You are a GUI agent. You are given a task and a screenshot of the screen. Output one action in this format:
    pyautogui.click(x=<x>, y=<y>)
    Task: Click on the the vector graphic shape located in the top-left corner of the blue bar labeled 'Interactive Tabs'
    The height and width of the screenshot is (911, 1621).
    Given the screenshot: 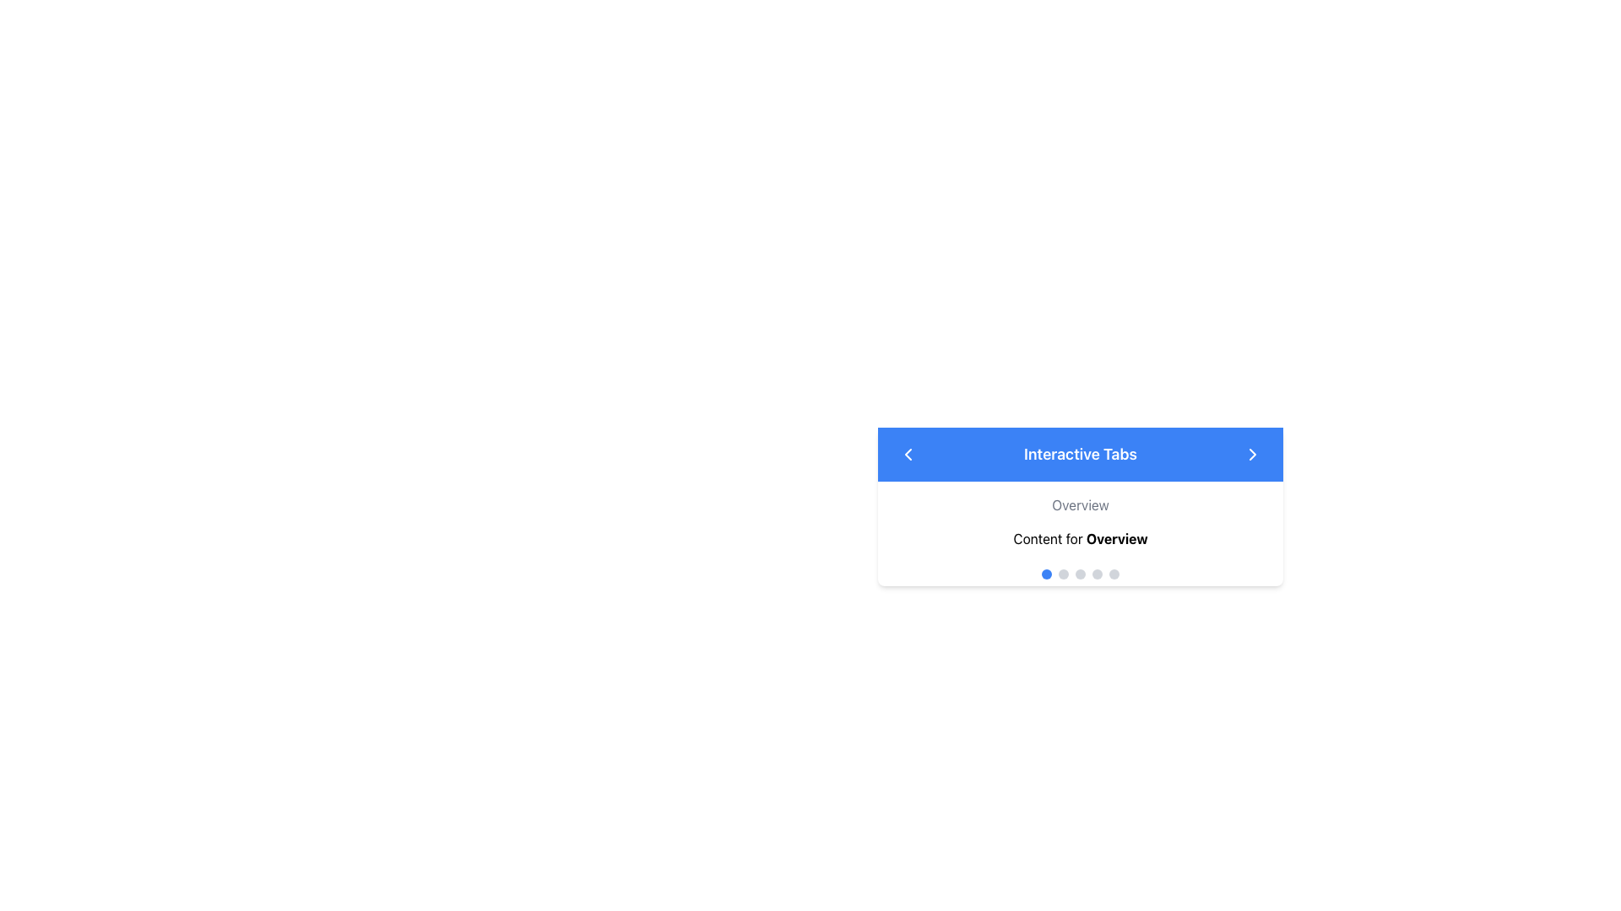 What is the action you would take?
    pyautogui.click(x=907, y=454)
    